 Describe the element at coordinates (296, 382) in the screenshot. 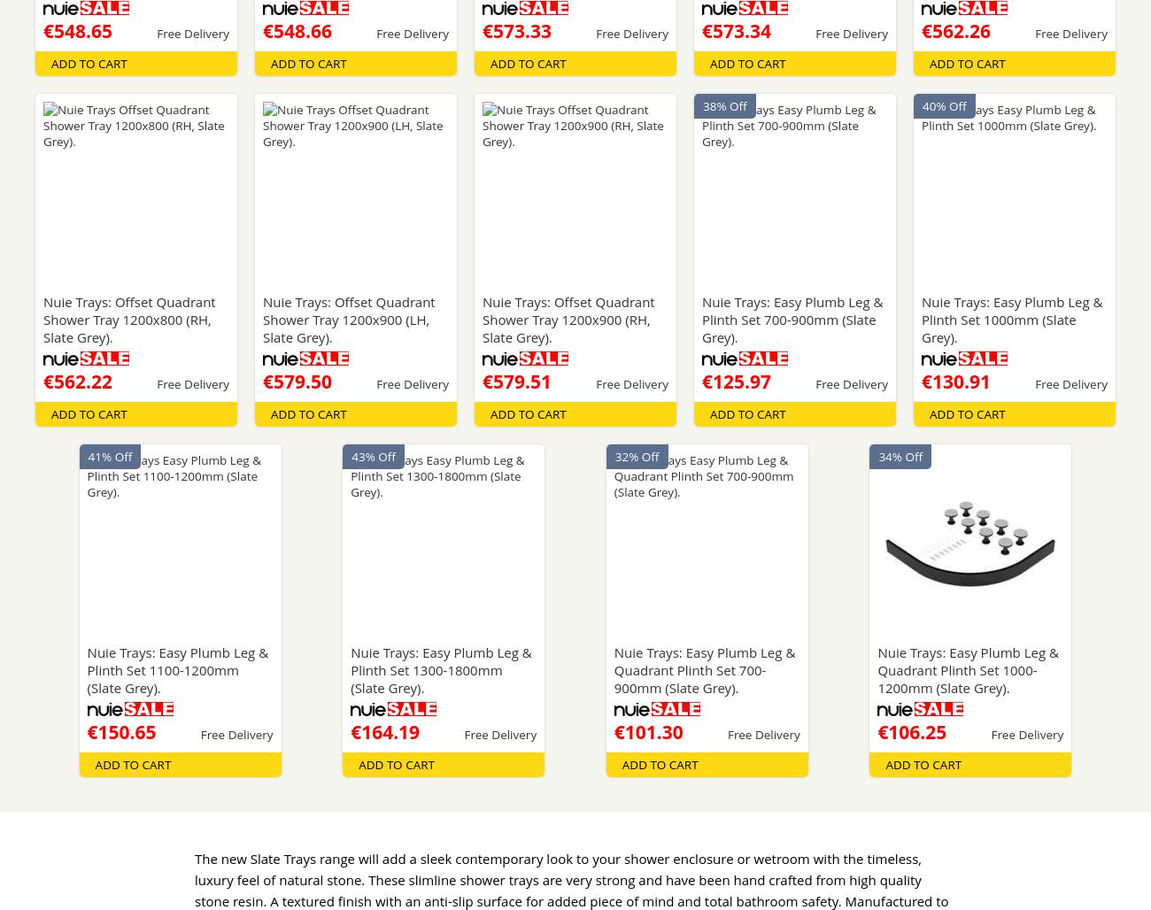

I see `'€579.50'` at that location.